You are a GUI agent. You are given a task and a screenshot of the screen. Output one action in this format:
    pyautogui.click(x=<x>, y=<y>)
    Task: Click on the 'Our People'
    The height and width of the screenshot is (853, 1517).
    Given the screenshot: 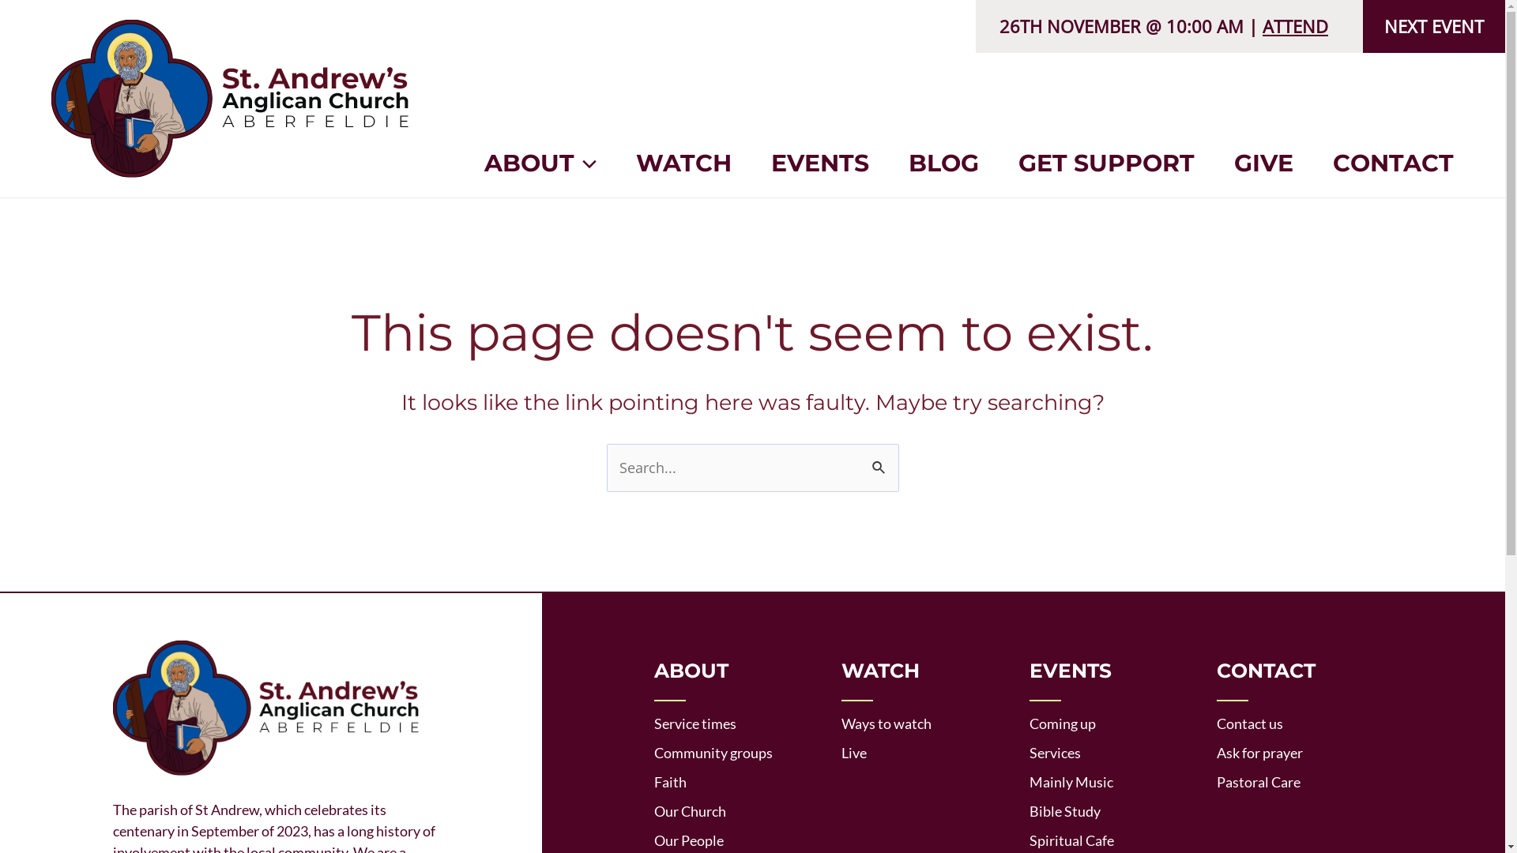 What is the action you would take?
    pyautogui.click(x=689, y=840)
    